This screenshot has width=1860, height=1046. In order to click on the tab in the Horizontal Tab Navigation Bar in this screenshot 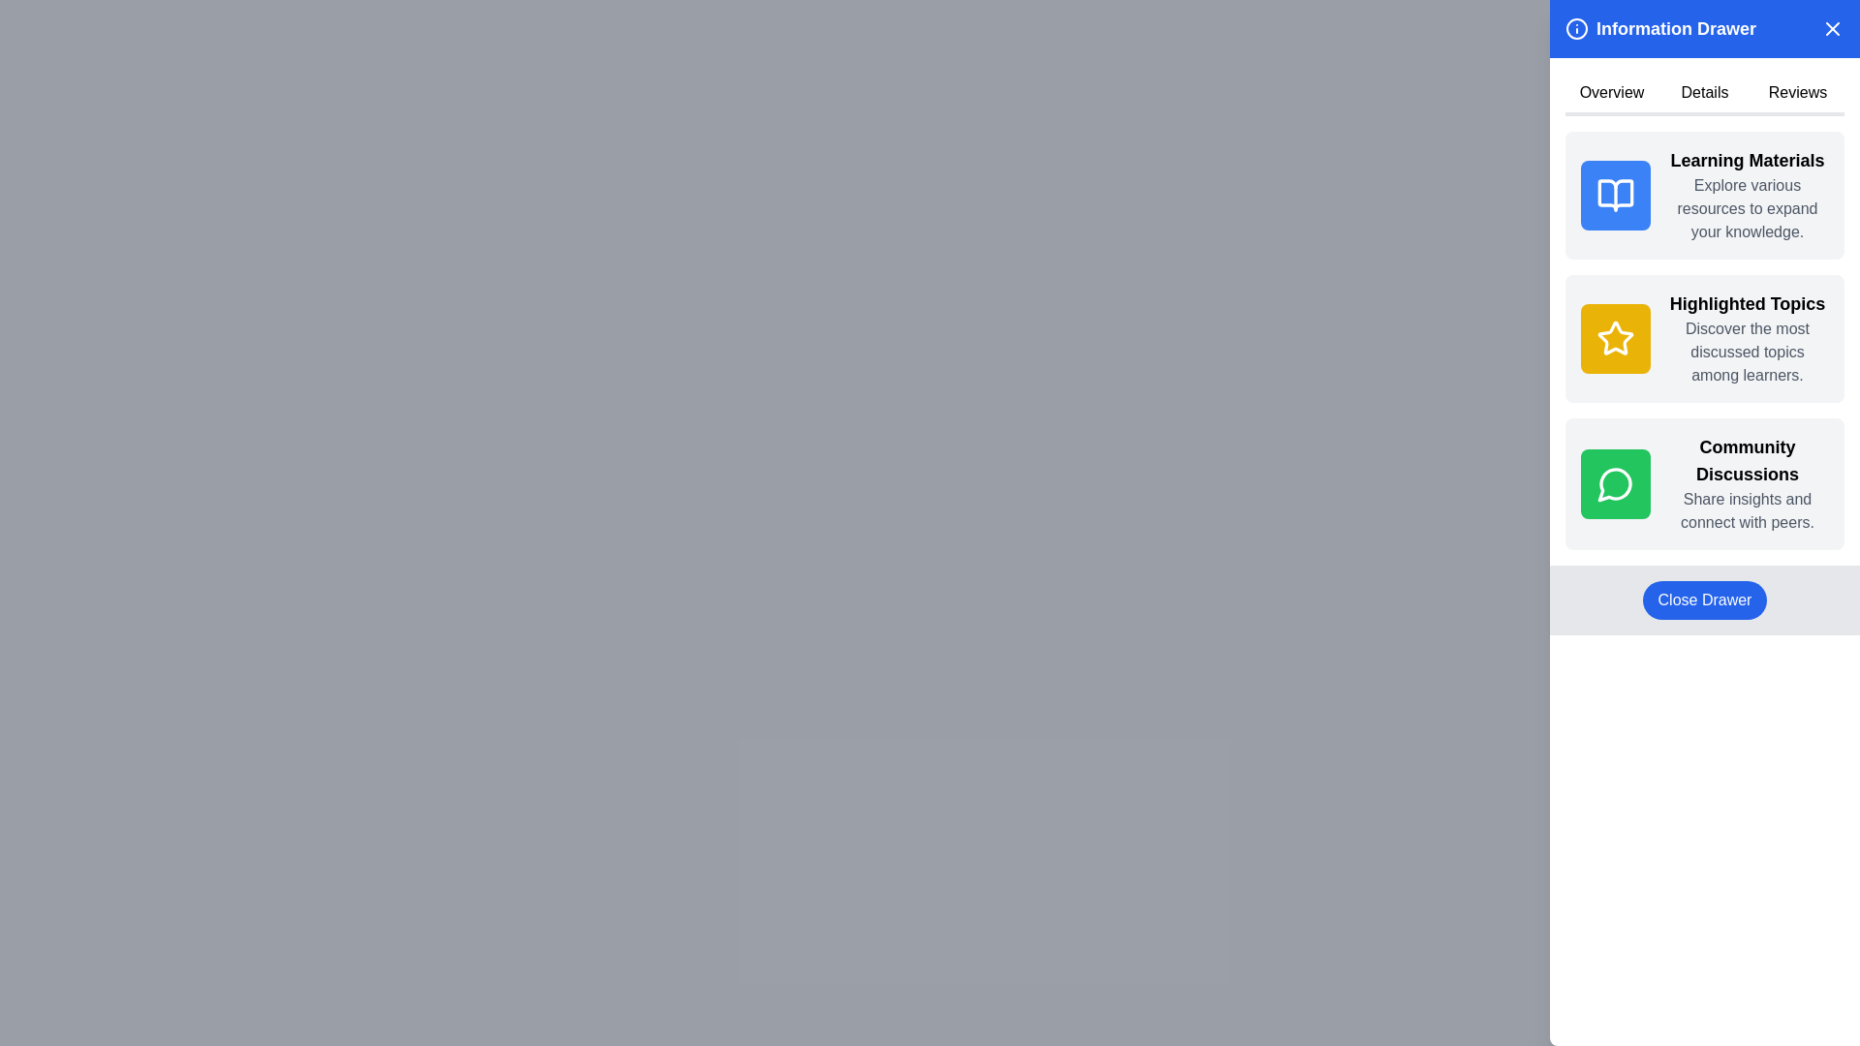, I will do `click(1705, 94)`.